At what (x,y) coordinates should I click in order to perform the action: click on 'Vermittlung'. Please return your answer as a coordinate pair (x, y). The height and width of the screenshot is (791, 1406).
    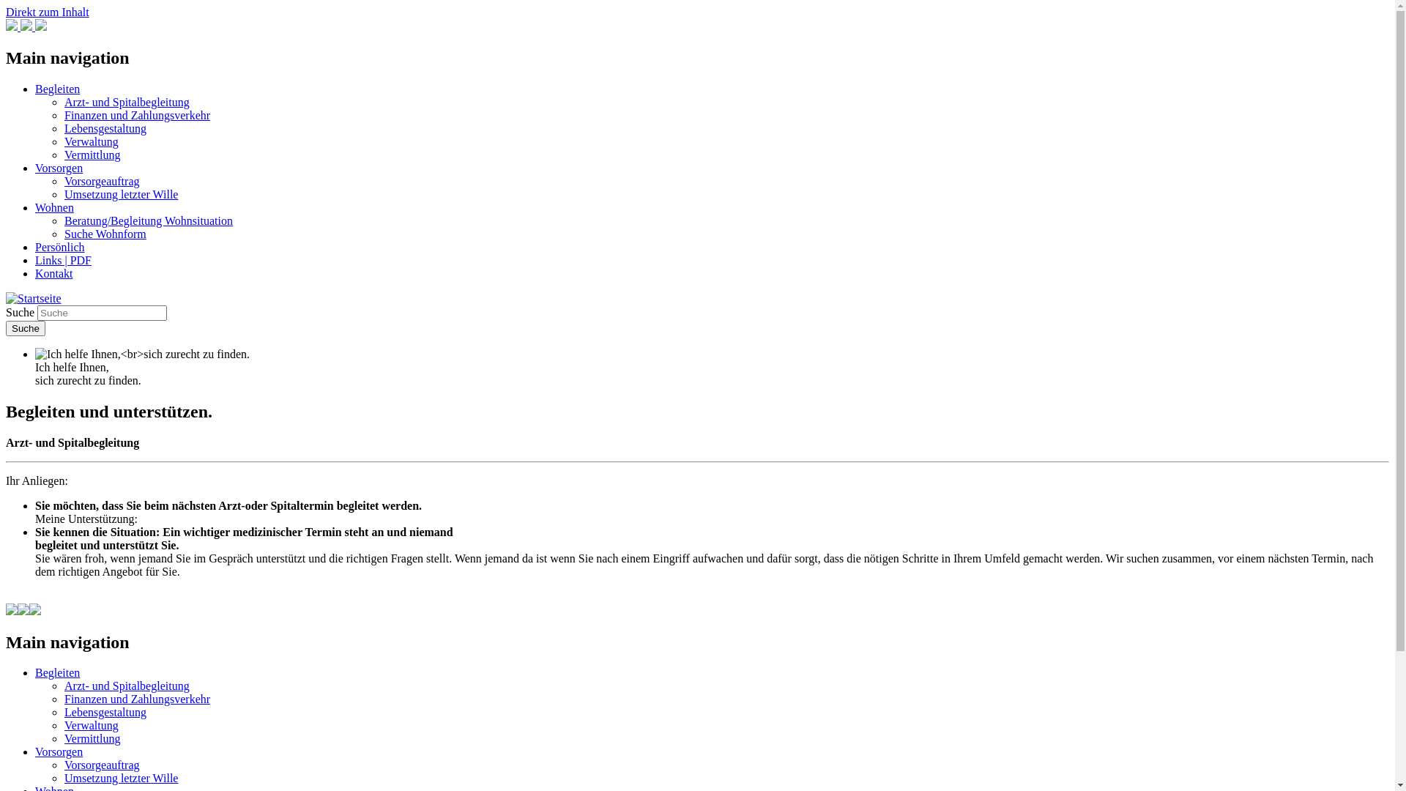
    Looking at the image, I should click on (91, 155).